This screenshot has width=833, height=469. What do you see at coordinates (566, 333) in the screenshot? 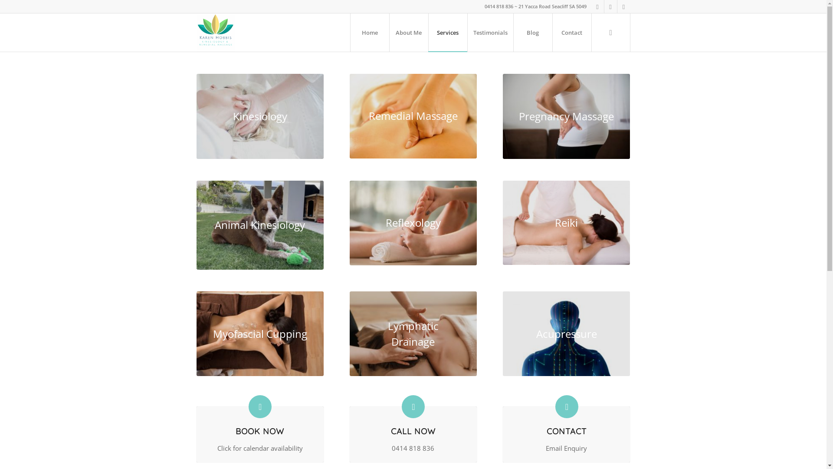
I see `'Acupressure'` at bounding box center [566, 333].